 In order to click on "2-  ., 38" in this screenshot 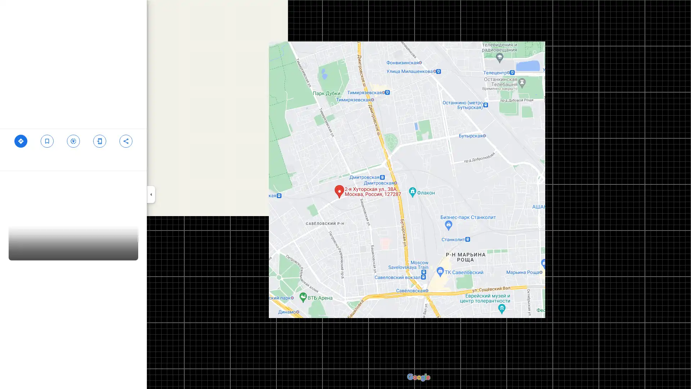, I will do `click(73, 147)`.